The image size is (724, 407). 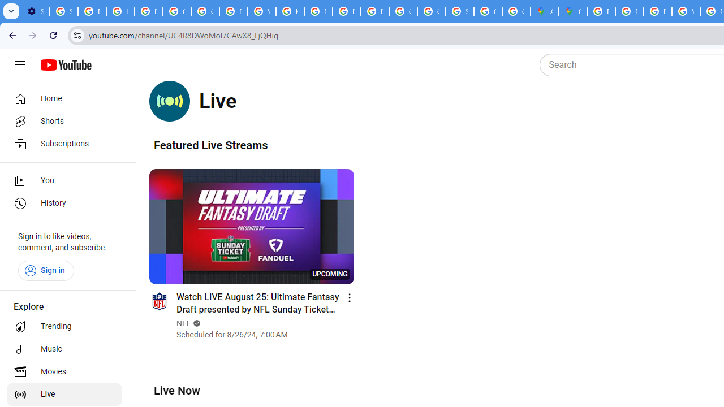 I want to click on 'Trending', so click(x=63, y=327).